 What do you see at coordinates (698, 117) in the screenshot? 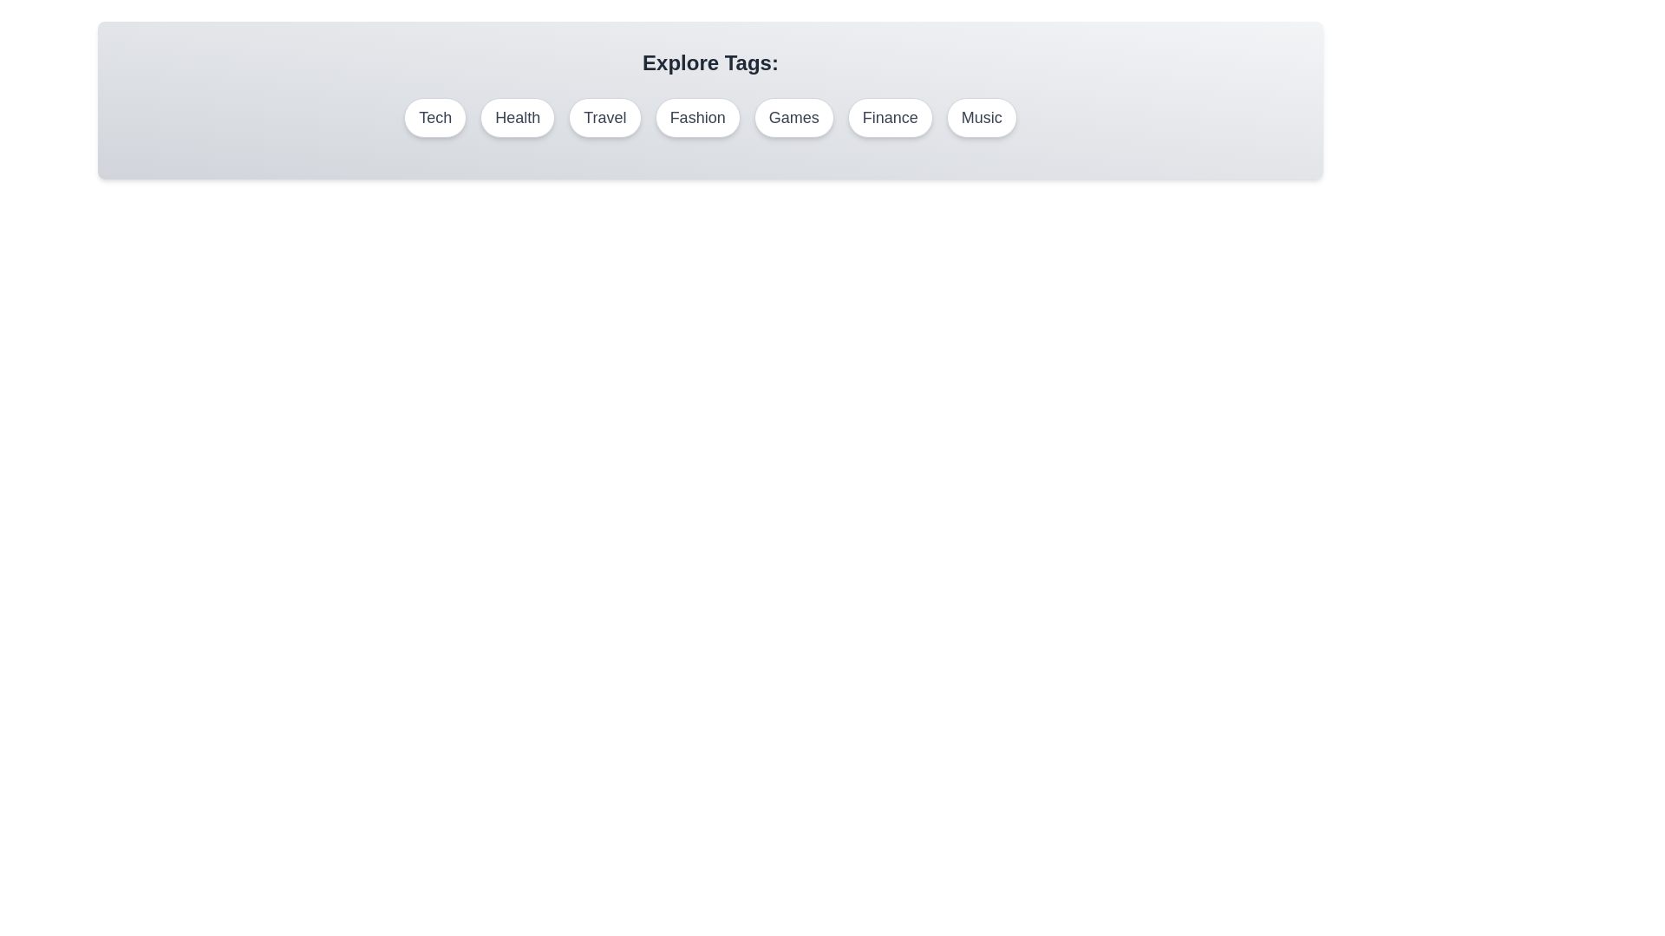
I see `the tag labeled Fashion to select it` at bounding box center [698, 117].